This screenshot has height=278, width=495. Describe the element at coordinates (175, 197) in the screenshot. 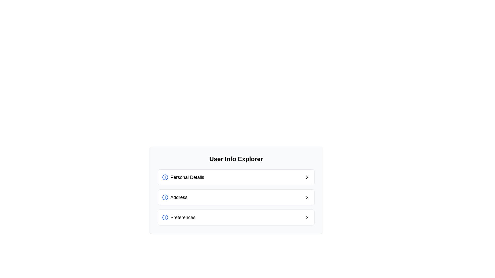

I see `the 'Address' label, which is the second item in the vertical list` at that location.